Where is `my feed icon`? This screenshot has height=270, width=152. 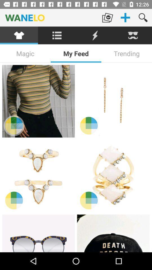
my feed icon is located at coordinates (76, 53).